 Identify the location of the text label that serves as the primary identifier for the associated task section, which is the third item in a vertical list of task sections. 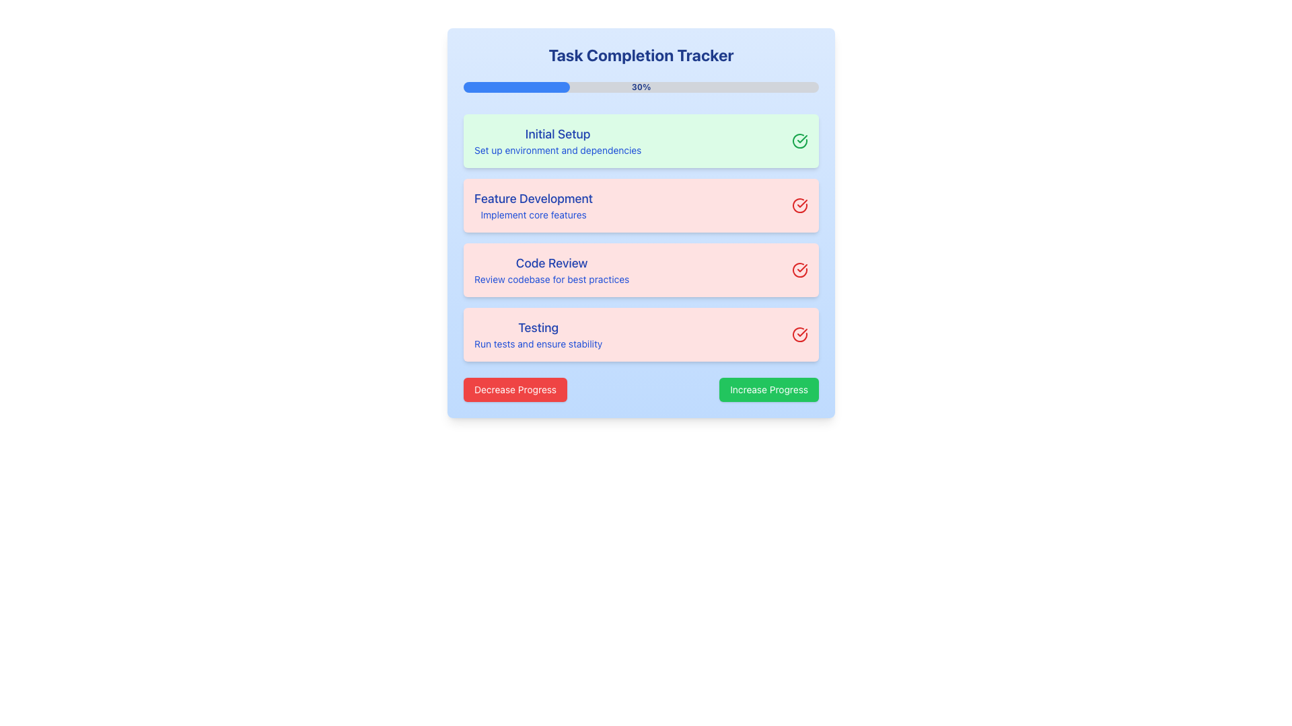
(552, 264).